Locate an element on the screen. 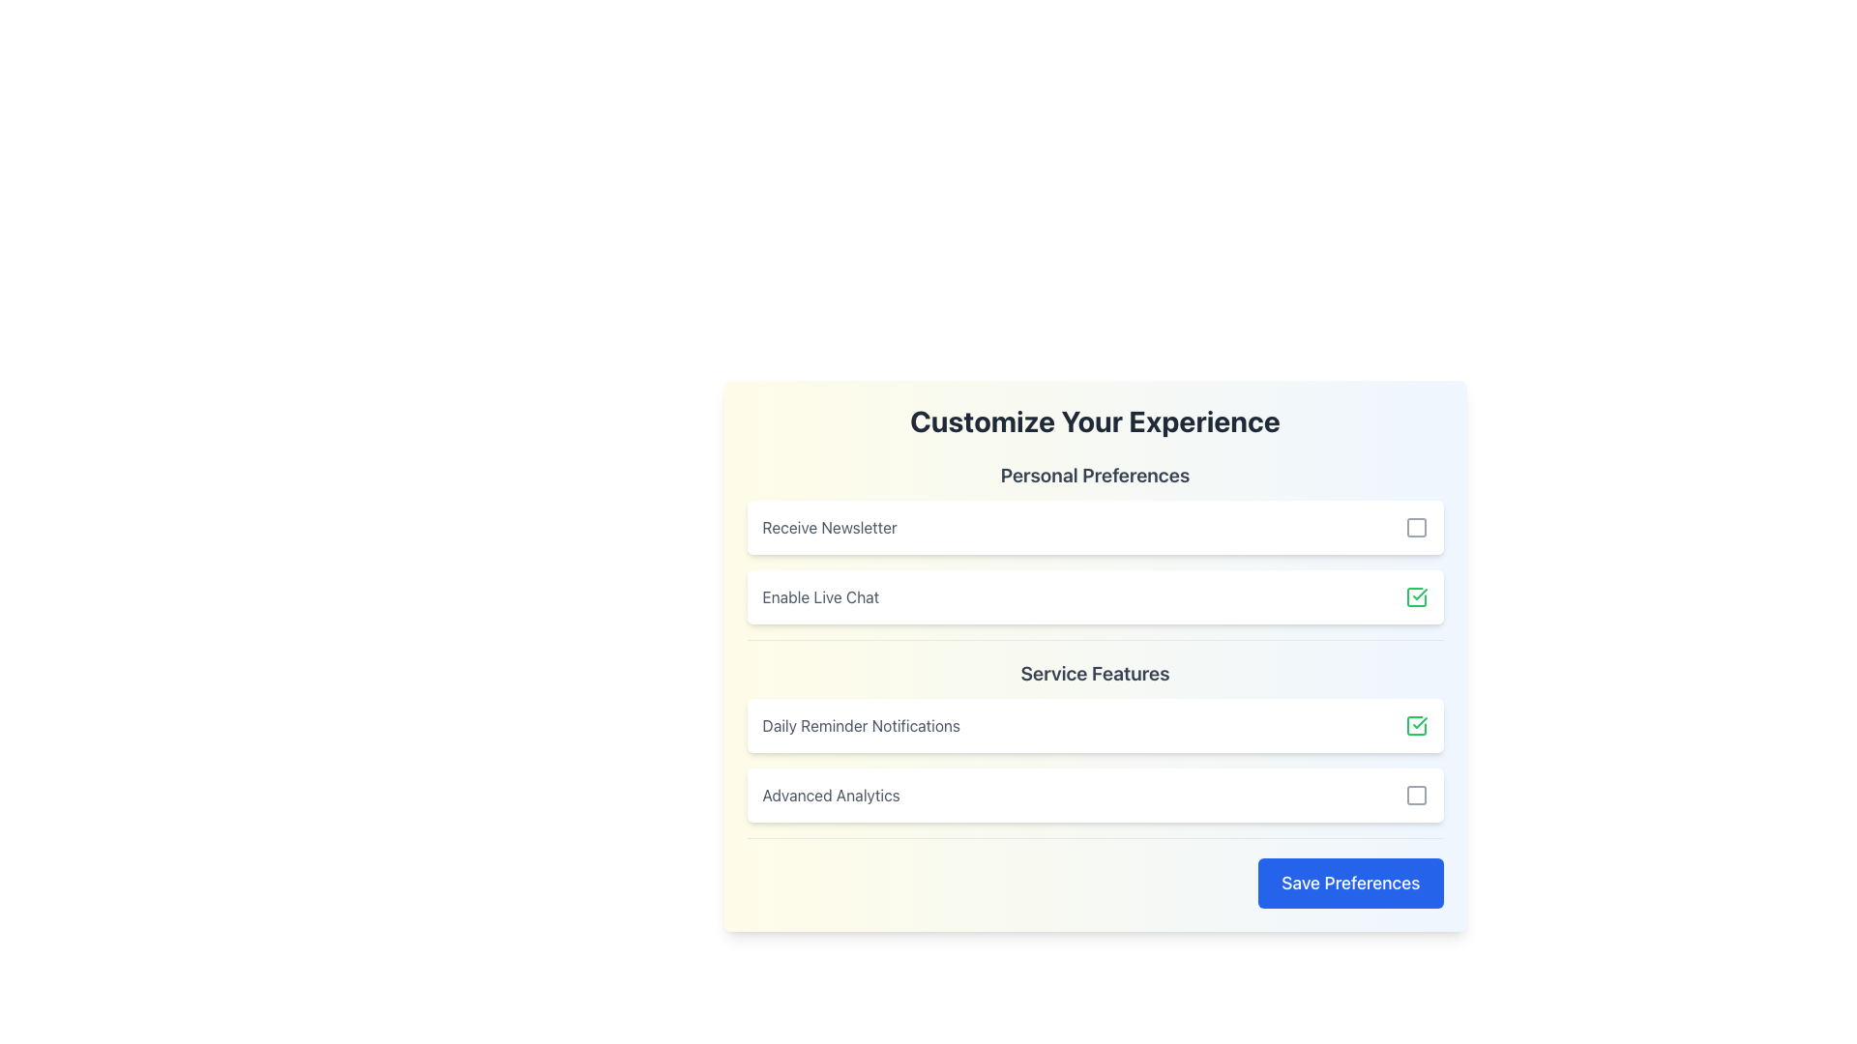 The width and height of the screenshot is (1857, 1044). the 'Receive Newsletter' label, which is the first preference option under the 'Personal Preferences' header is located at coordinates (830, 528).